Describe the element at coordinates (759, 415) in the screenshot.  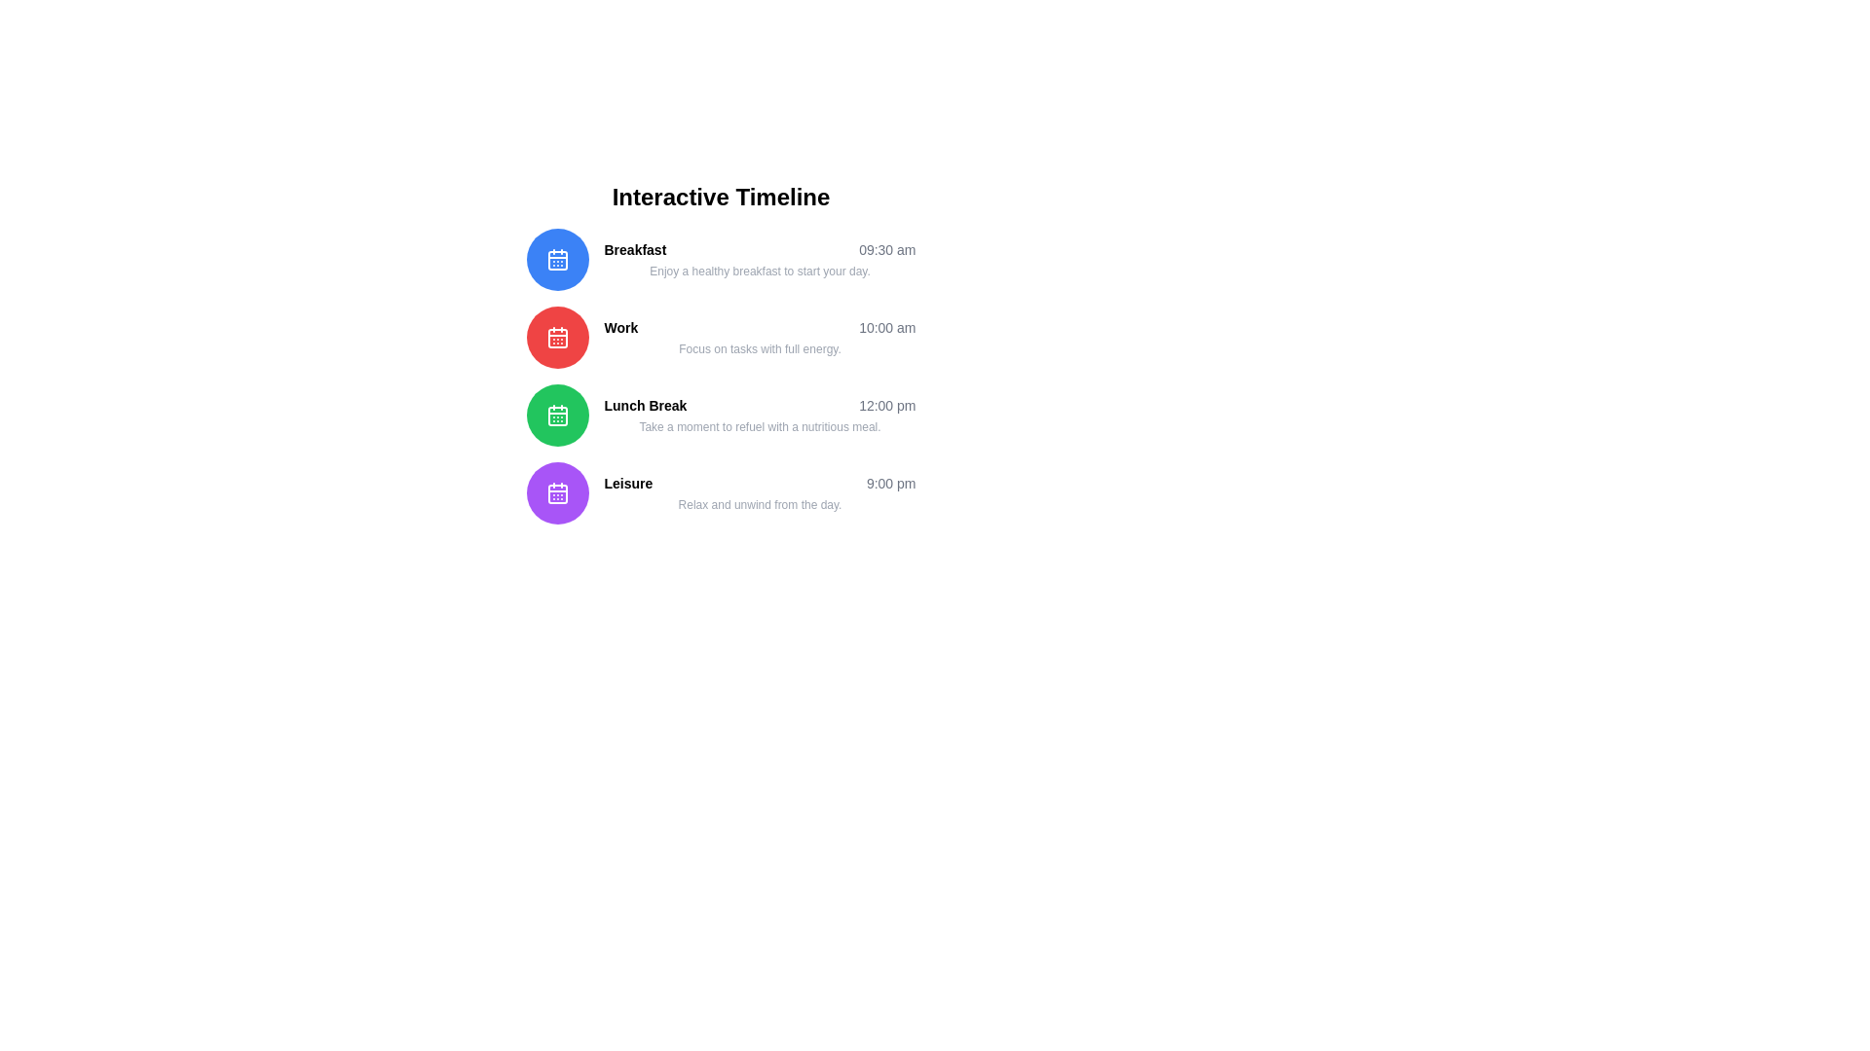
I see `text block displaying 'Lunch Break' at 12:00 pm with the note 'Take a moment to refuel with a nutritious meal.' This text block is the third in a vertical list of events in an interactive timeline, positioned between 'Work' and 'Leisure'` at that location.